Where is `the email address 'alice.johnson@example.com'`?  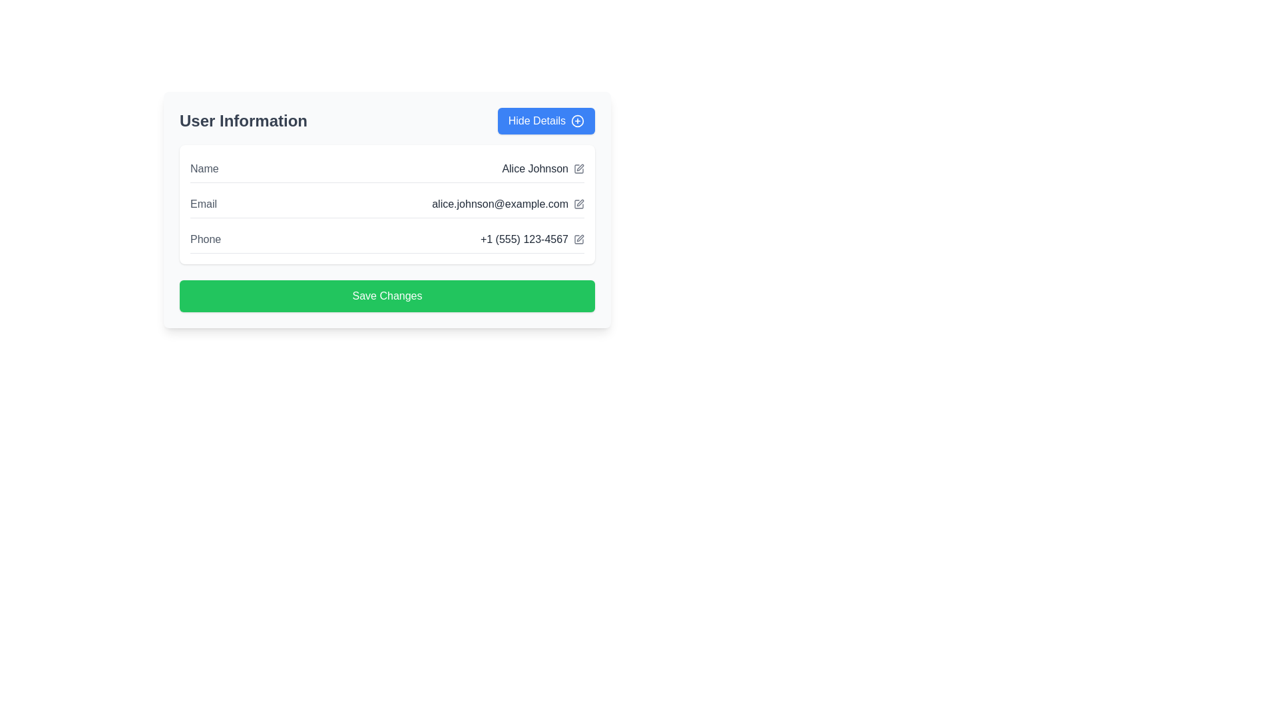
the email address 'alice.johnson@example.com' is located at coordinates (386, 204).